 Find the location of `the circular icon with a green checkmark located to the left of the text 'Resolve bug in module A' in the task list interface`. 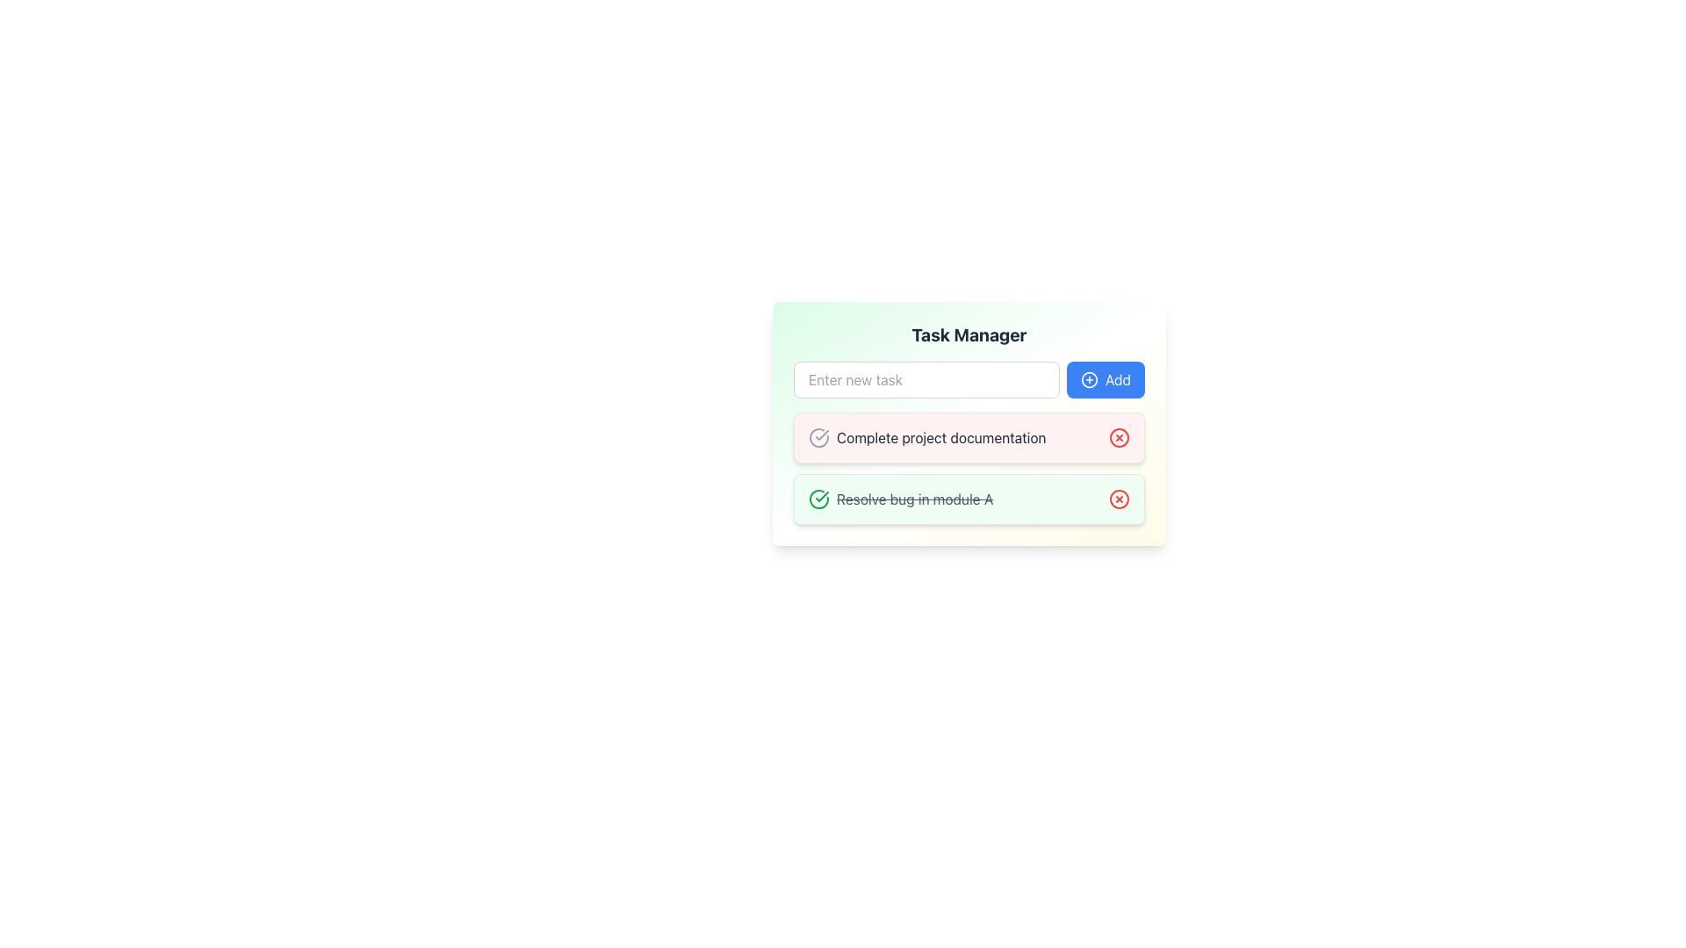

the circular icon with a green checkmark located to the left of the text 'Resolve bug in module A' in the task list interface is located at coordinates (818, 499).